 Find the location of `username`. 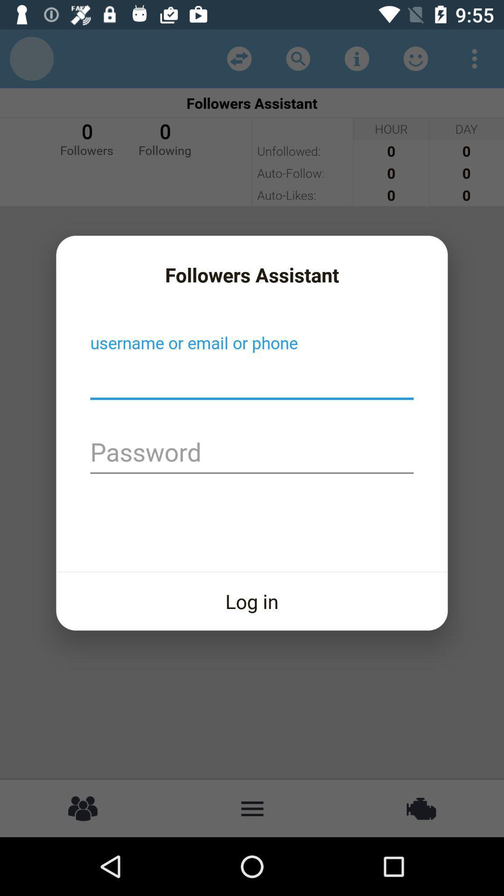

username is located at coordinates (252, 378).